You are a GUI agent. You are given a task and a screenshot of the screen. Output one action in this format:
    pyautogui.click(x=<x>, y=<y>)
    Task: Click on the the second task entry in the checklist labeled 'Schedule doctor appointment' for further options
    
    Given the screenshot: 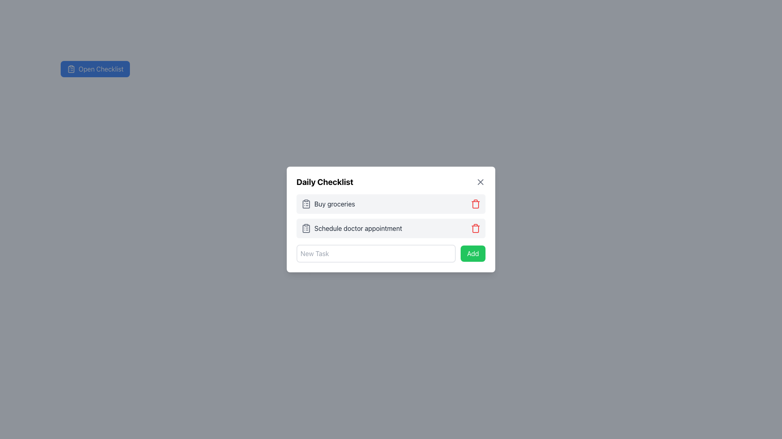 What is the action you would take?
    pyautogui.click(x=391, y=228)
    